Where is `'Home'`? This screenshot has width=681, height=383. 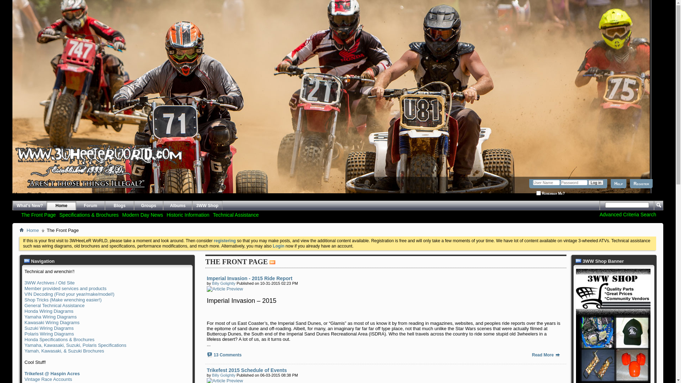
'Home' is located at coordinates (61, 205).